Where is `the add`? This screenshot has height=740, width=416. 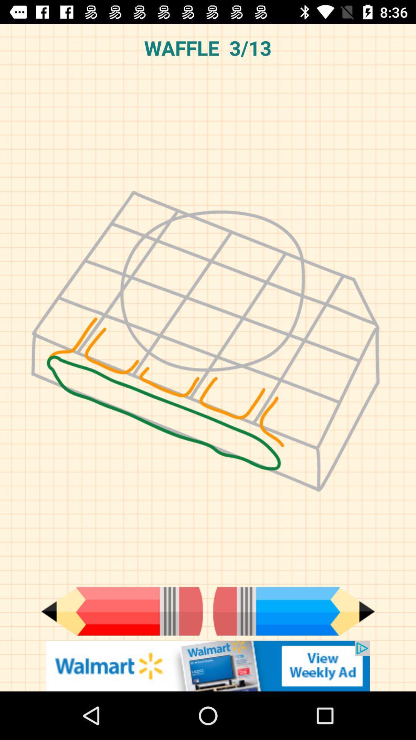
the add is located at coordinates (121, 611).